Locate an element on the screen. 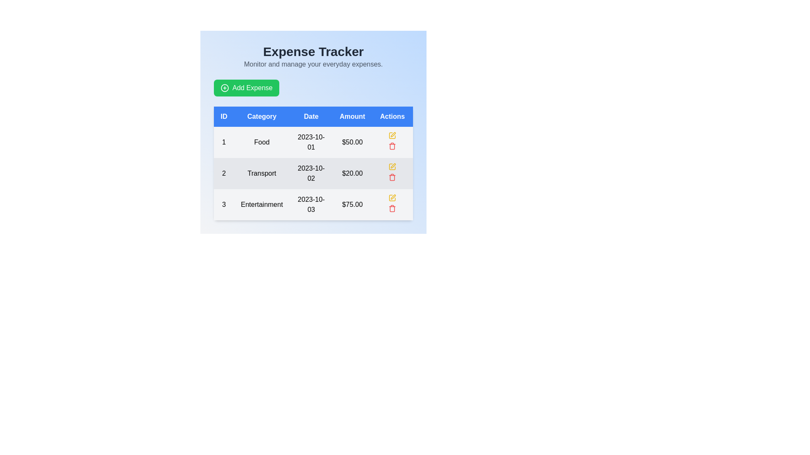  the table header row with blue background and white text to interact with column headers for sorting functionality is located at coordinates (313, 117).